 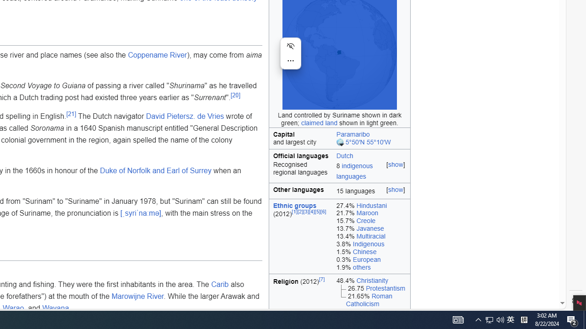 I want to click on '[21]', so click(x=70, y=113).